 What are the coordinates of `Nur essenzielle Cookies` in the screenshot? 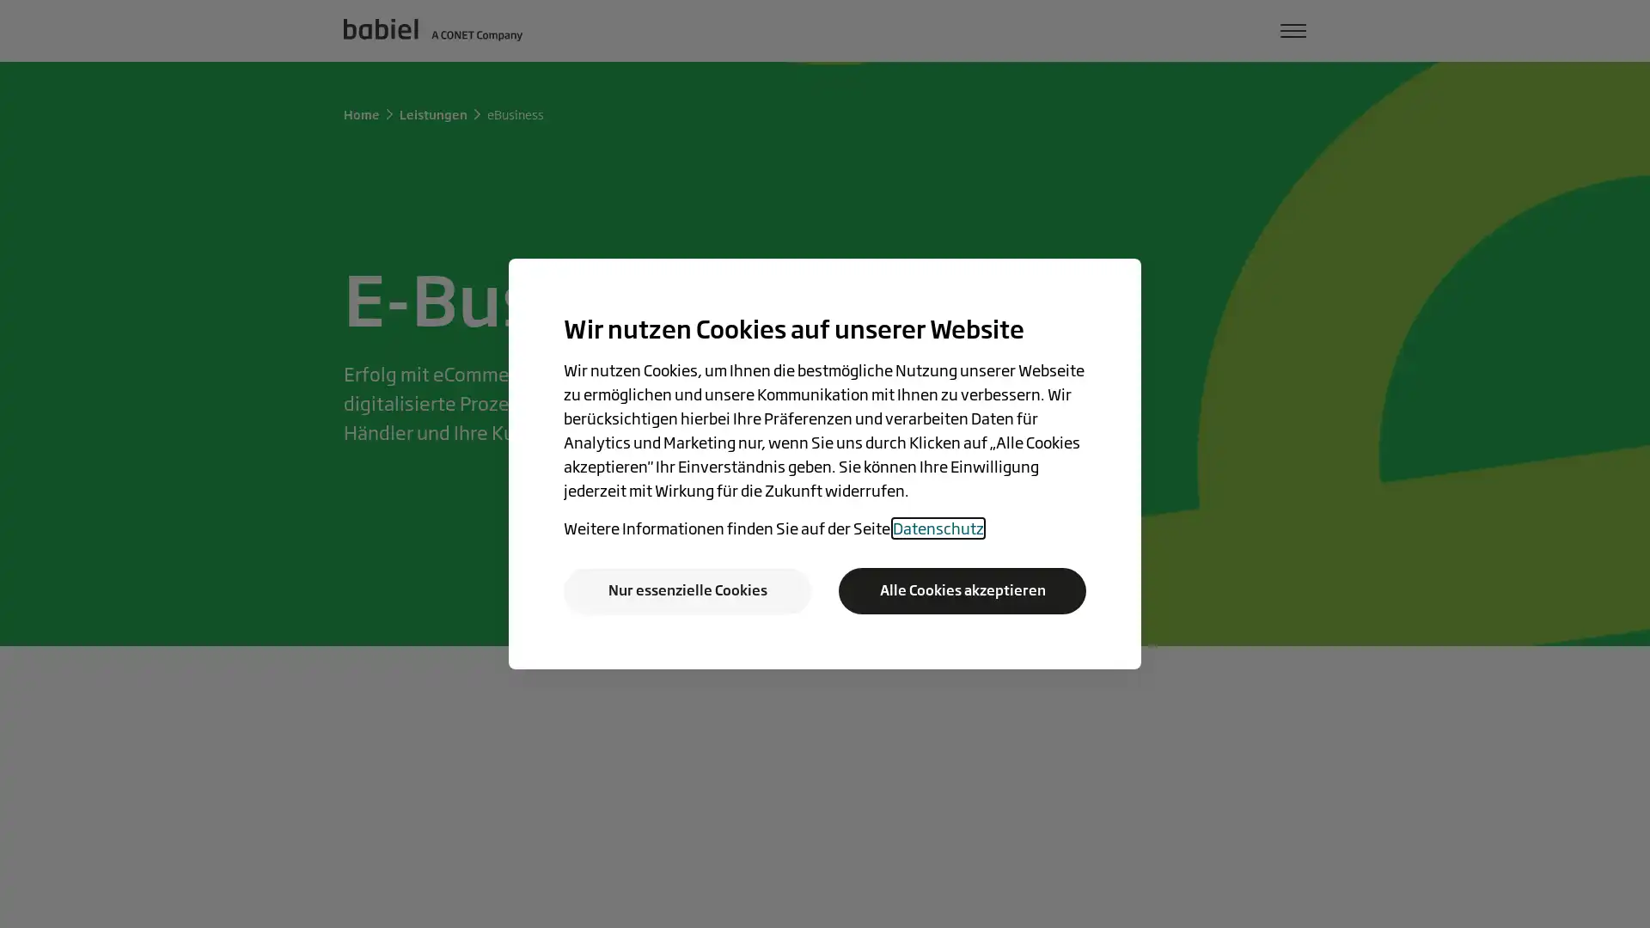 It's located at (687, 589).